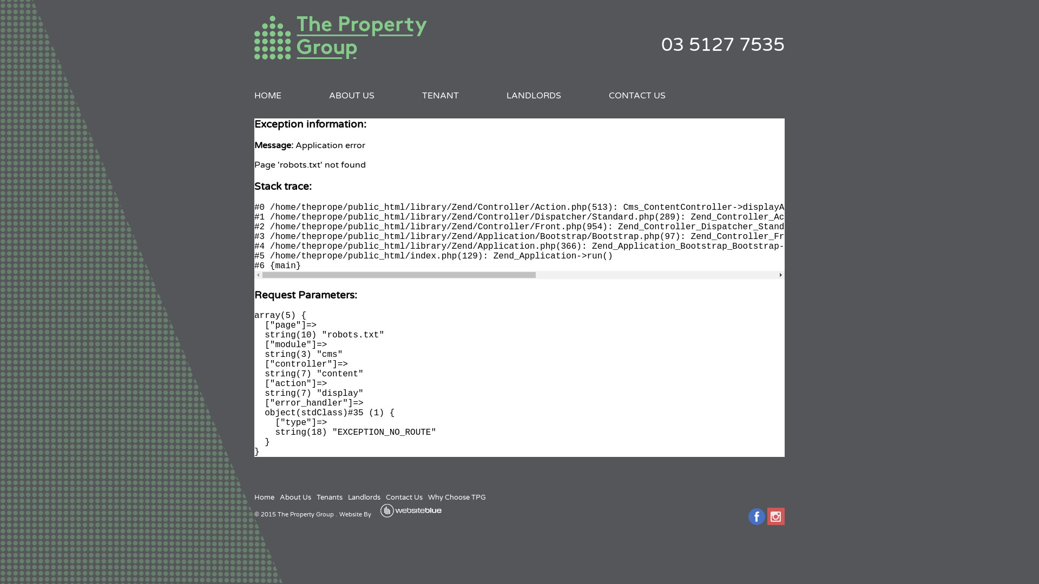 The height and width of the screenshot is (584, 1039). What do you see at coordinates (295, 497) in the screenshot?
I see `'About Us'` at bounding box center [295, 497].